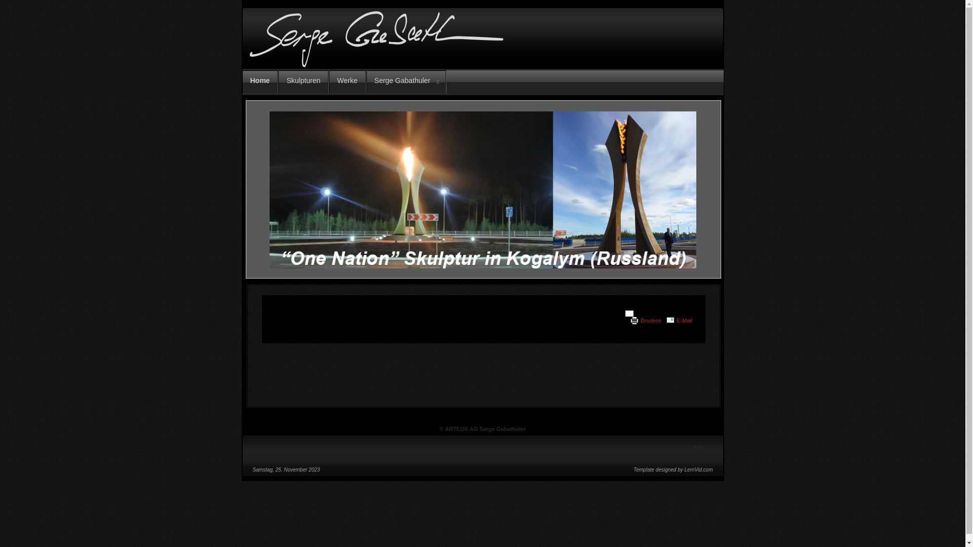 This screenshot has height=547, width=973. I want to click on 'Werke', so click(328, 82).